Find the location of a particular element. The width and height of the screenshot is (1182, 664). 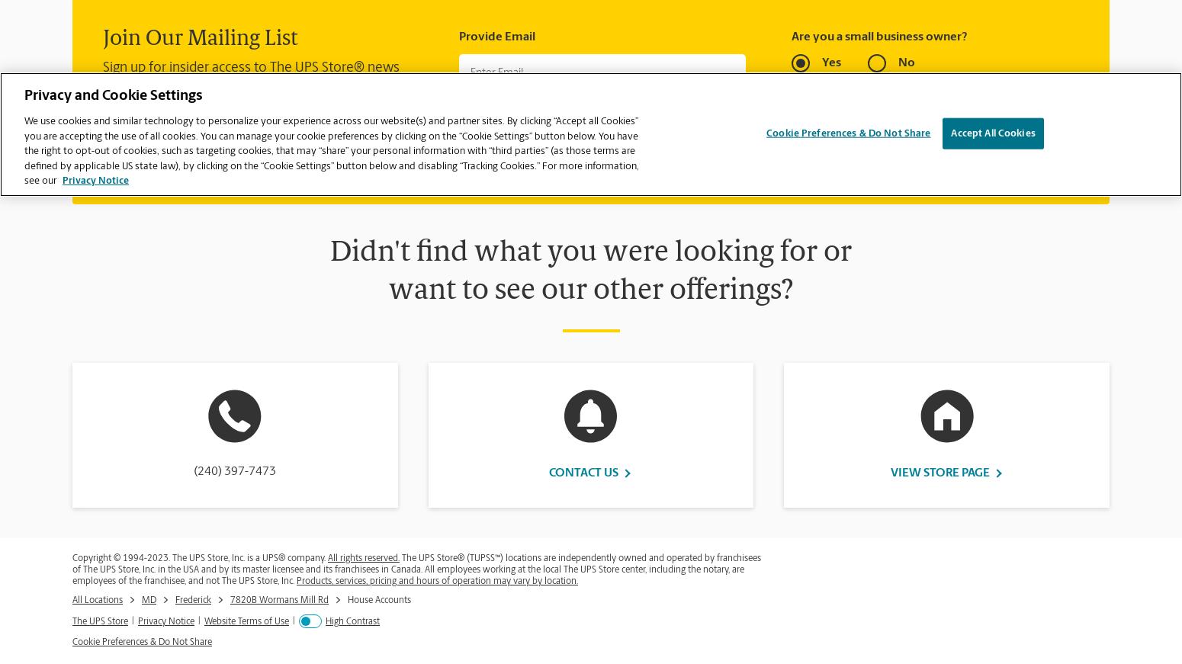

'Privacy Notice' is located at coordinates (165, 621).